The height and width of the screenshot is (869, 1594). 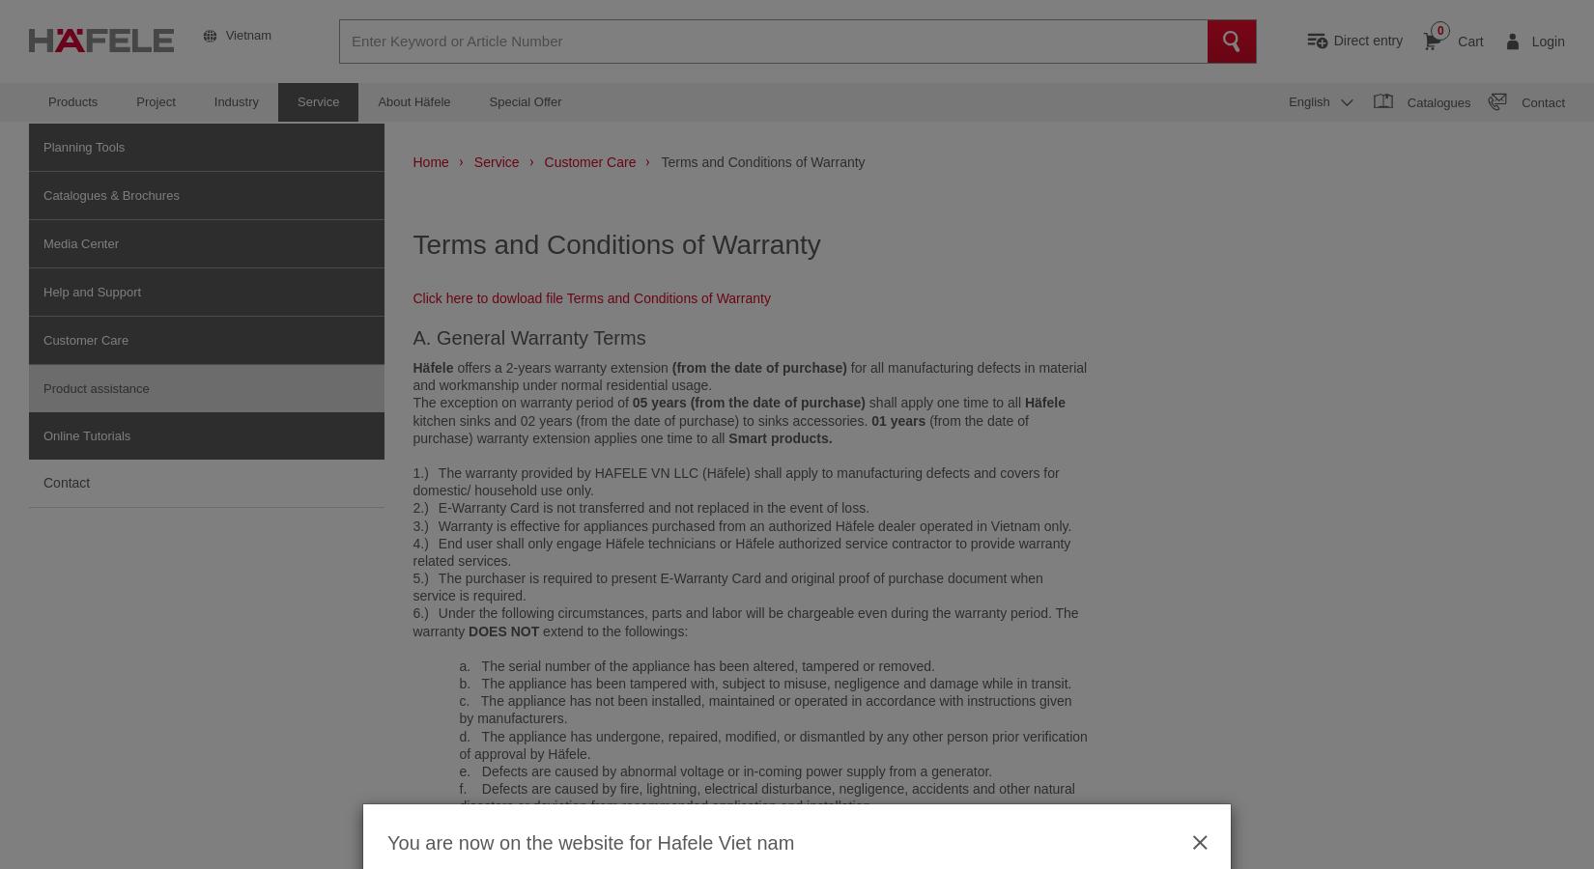 I want to click on '01 years', so click(x=899, y=419).